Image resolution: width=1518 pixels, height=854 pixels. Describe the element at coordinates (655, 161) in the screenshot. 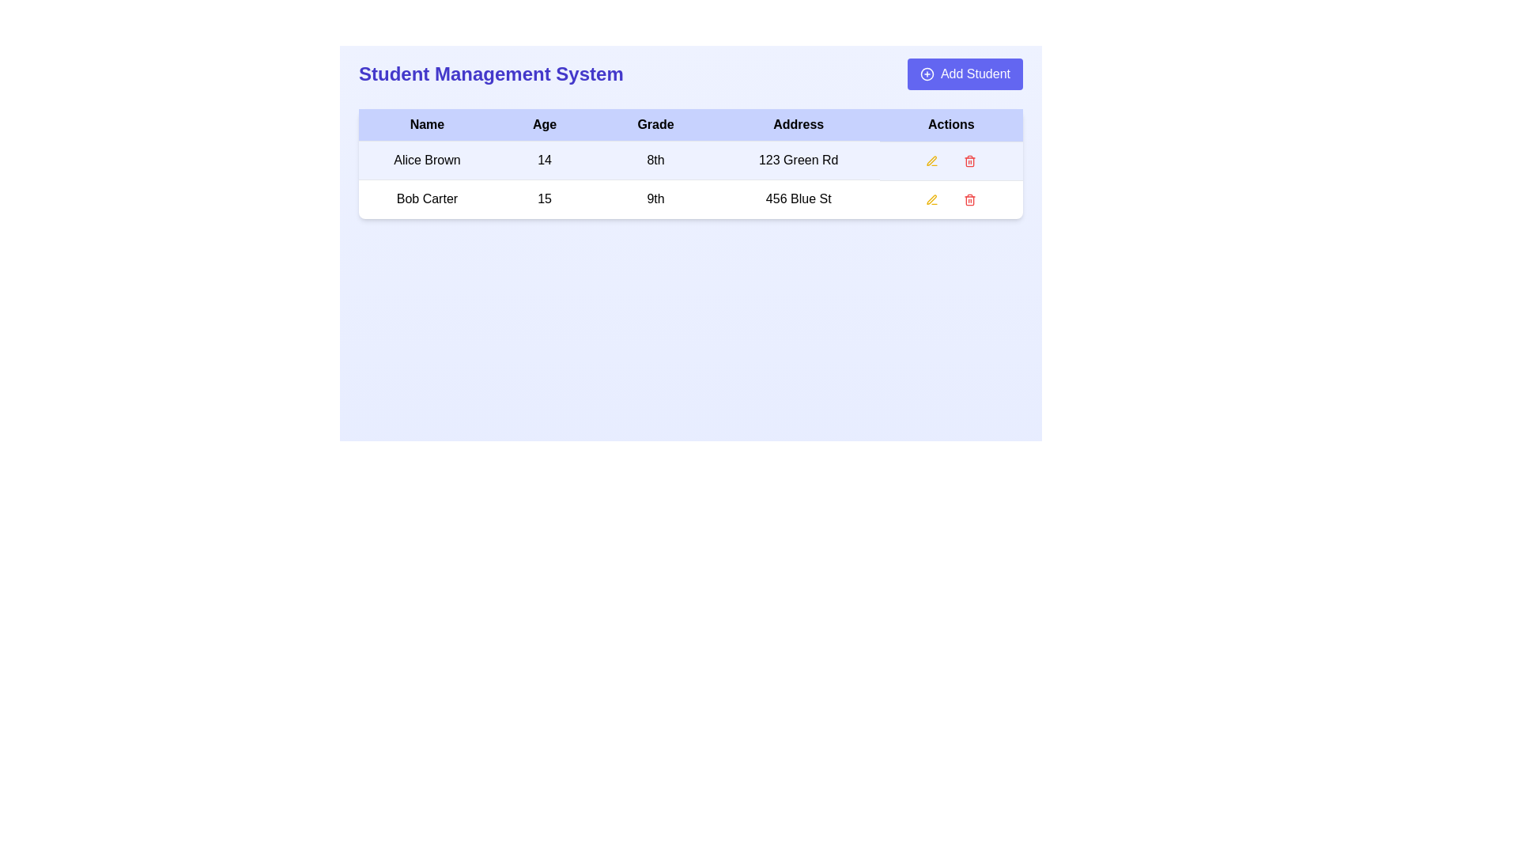

I see `text '8th' located in the first row of the table under the 'Grade' column, which is visually distinguished by a light blue header and alternating row colors` at that location.